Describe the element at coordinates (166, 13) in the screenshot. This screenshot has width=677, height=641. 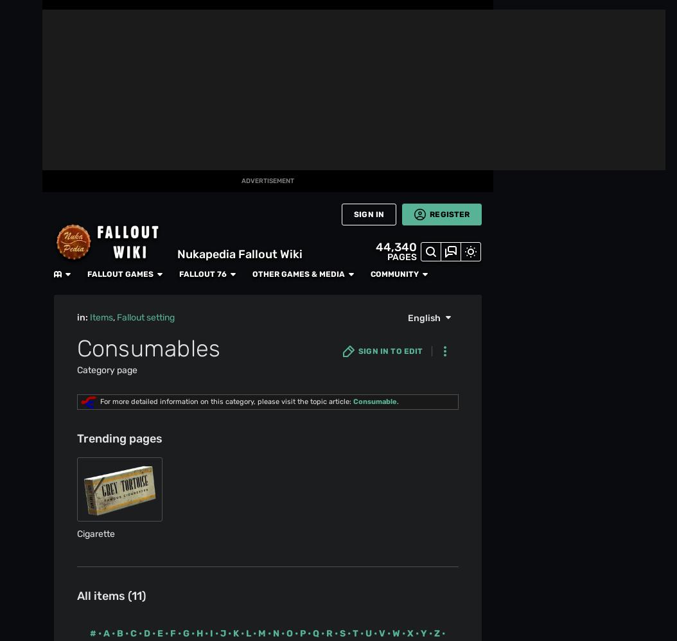
I see `'Fallout games'` at that location.